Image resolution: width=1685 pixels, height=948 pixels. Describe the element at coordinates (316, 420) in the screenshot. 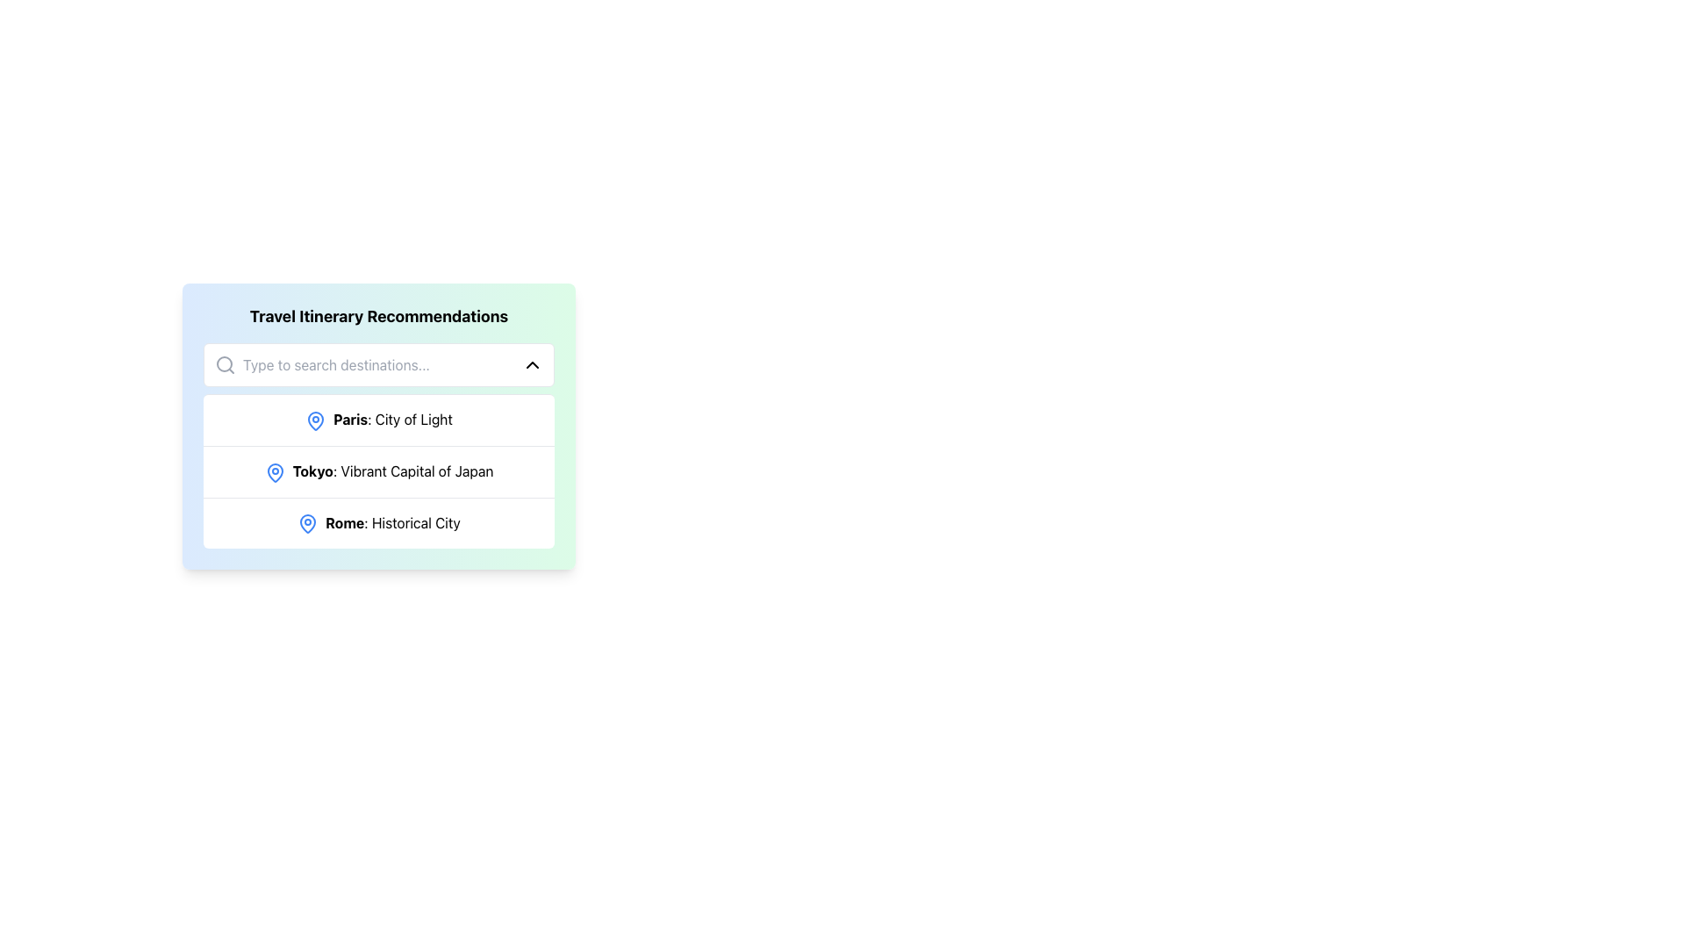

I see `the first map pin icon in the travel itinerary recommendations list` at that location.